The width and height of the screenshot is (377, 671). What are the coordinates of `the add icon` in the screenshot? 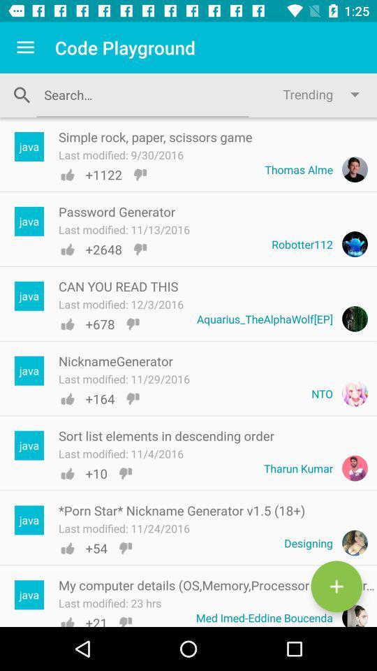 It's located at (336, 586).